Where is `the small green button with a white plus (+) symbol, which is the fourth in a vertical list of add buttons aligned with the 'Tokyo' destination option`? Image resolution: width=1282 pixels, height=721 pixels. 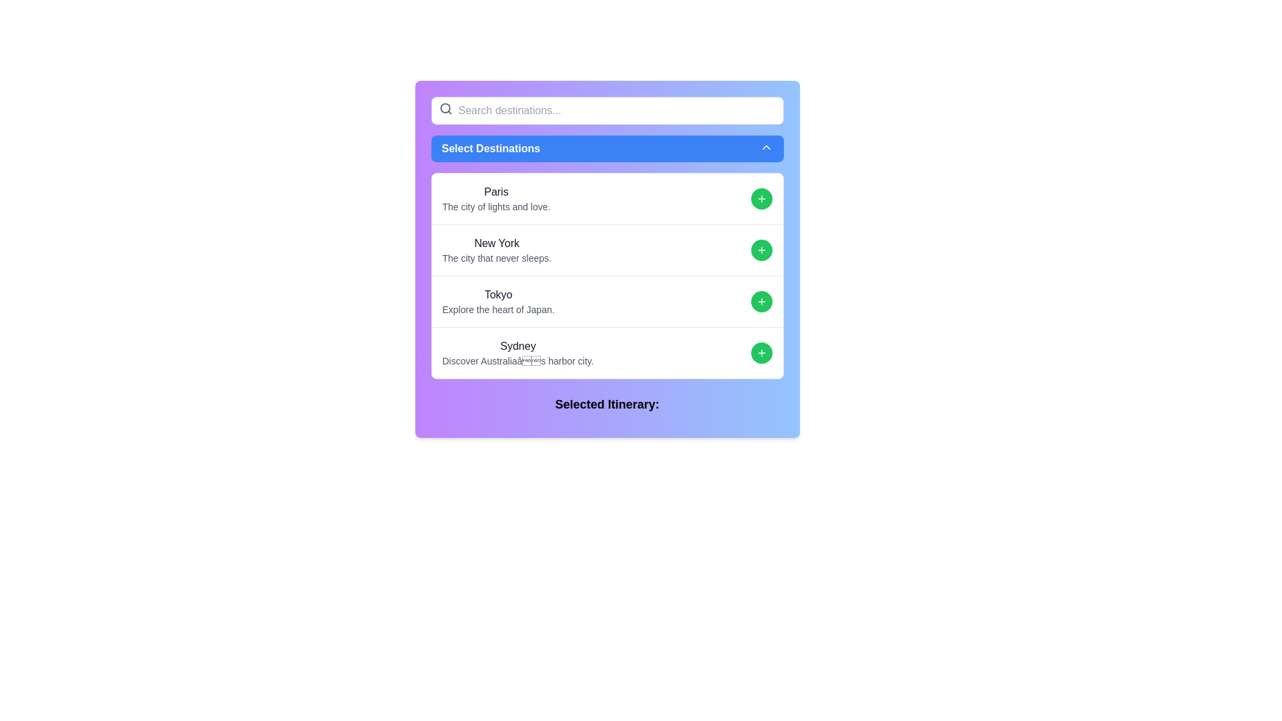 the small green button with a white plus (+) symbol, which is the fourth in a vertical list of add buttons aligned with the 'Tokyo' destination option is located at coordinates (761, 301).